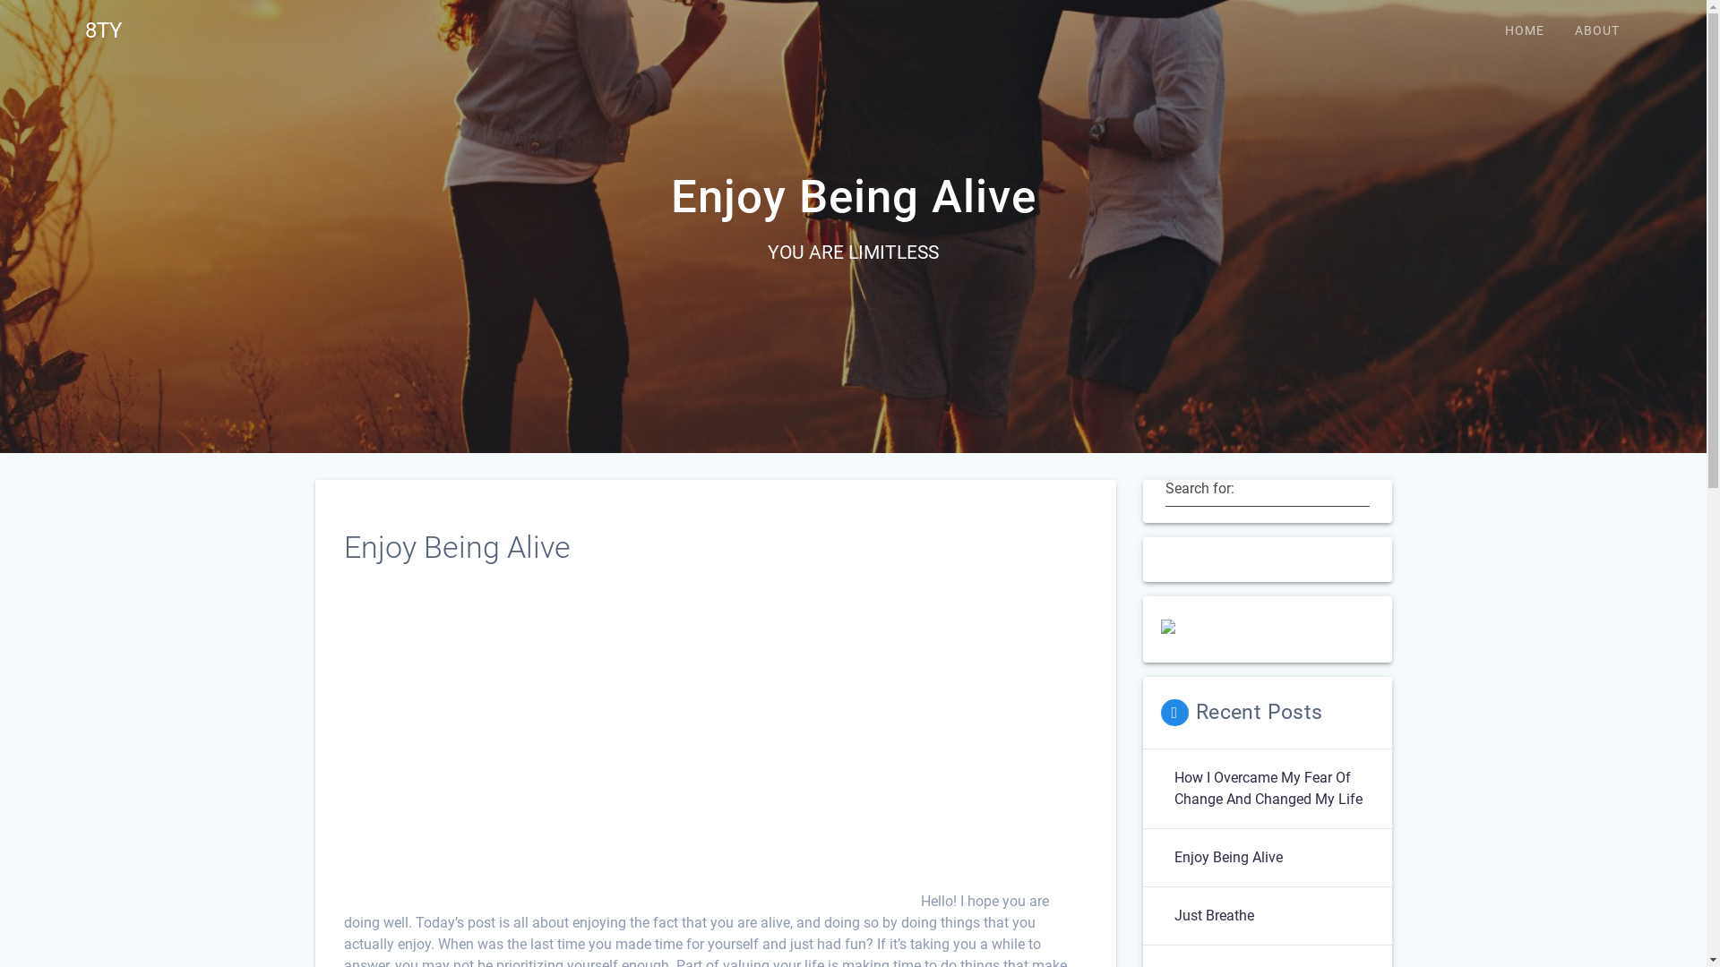 This screenshot has width=1720, height=967. Describe the element at coordinates (1596, 30) in the screenshot. I see `'ABOUT'` at that location.